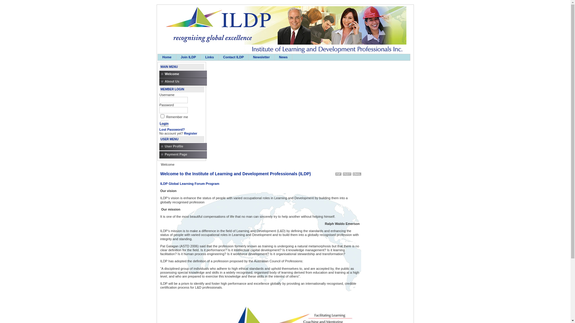  I want to click on 'Home', so click(167, 57).